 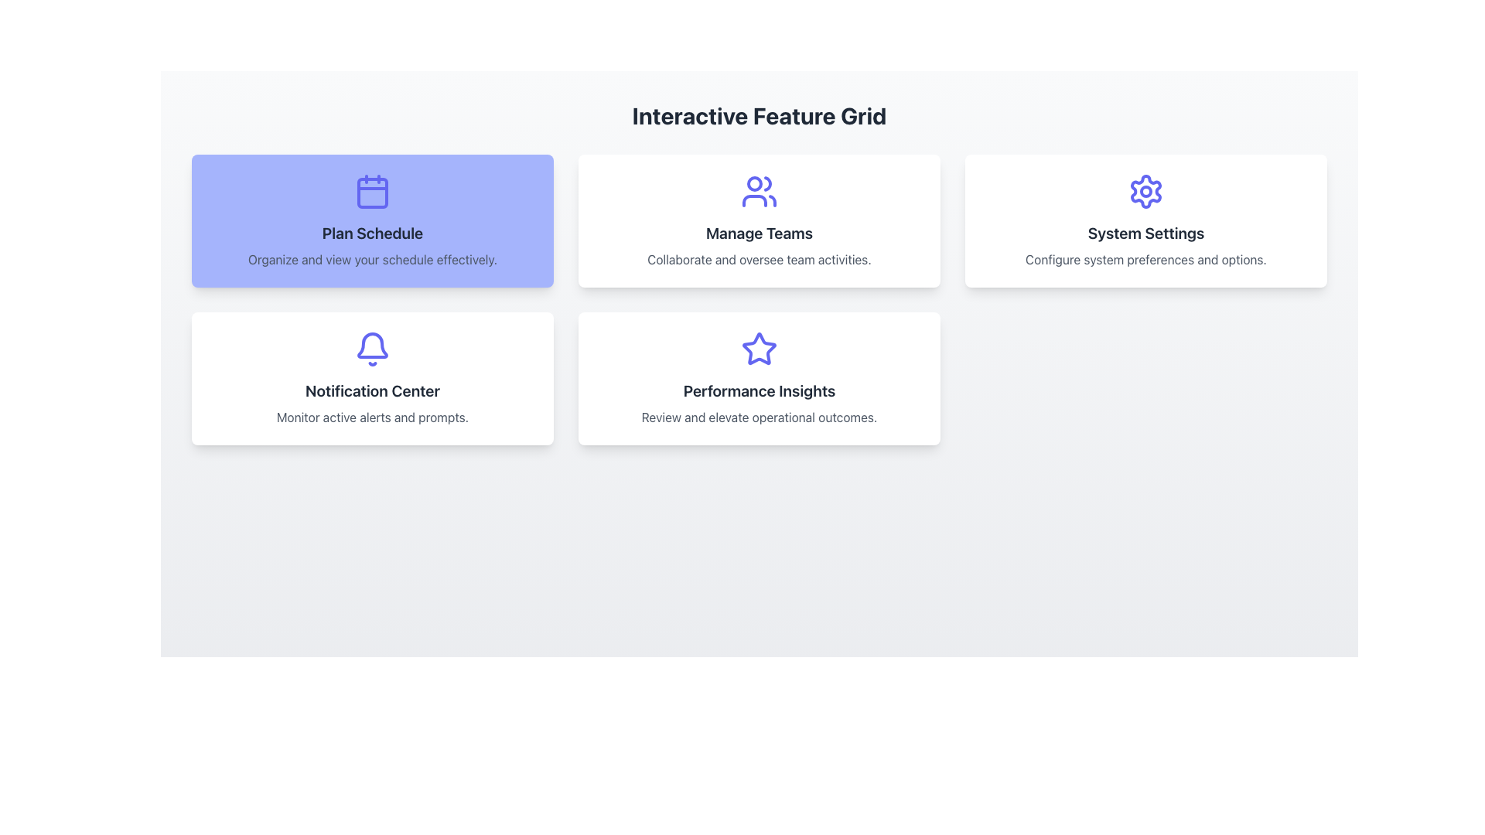 What do you see at coordinates (372, 345) in the screenshot?
I see `the bell-like notification icon located in the Notification Center feature card, which is centered horizontally and positioned above the card's text content` at bounding box center [372, 345].